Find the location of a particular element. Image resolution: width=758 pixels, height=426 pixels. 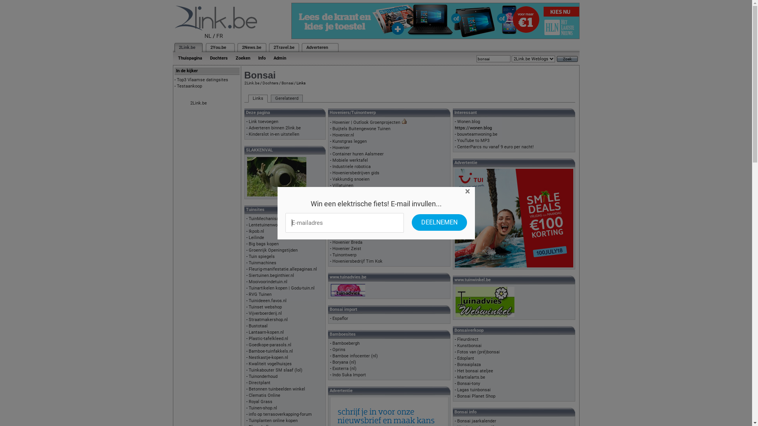

'Admin' is located at coordinates (280, 58).